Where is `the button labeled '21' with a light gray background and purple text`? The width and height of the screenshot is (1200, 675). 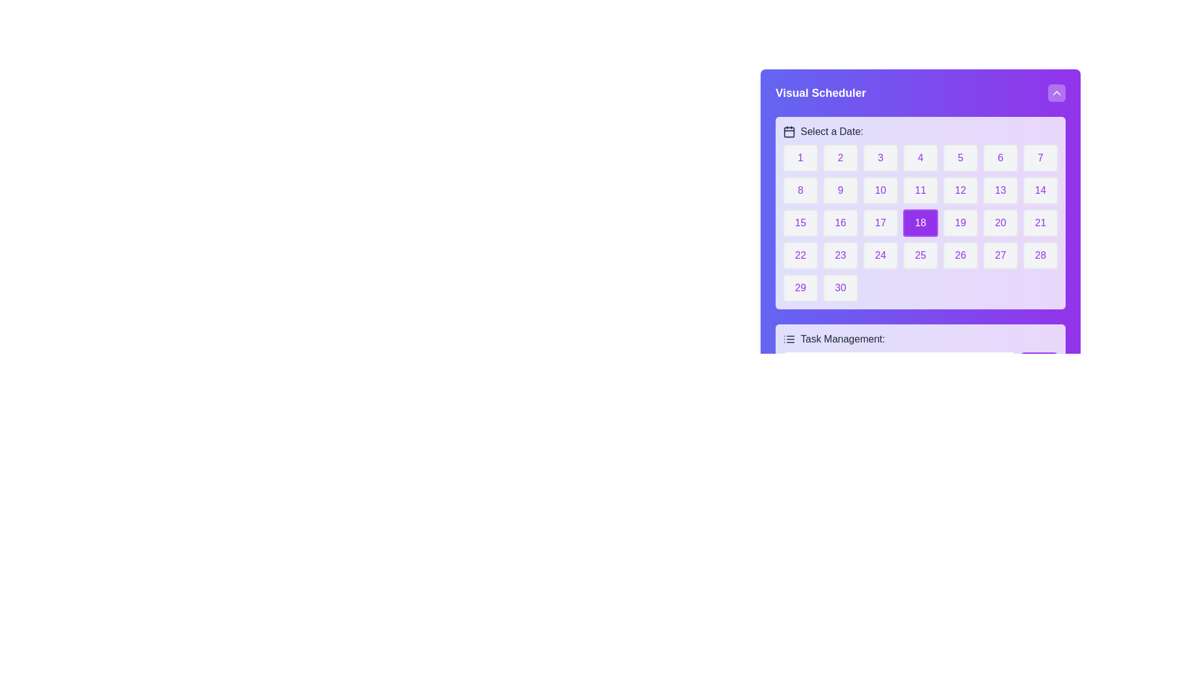 the button labeled '21' with a light gray background and purple text is located at coordinates (1041, 222).